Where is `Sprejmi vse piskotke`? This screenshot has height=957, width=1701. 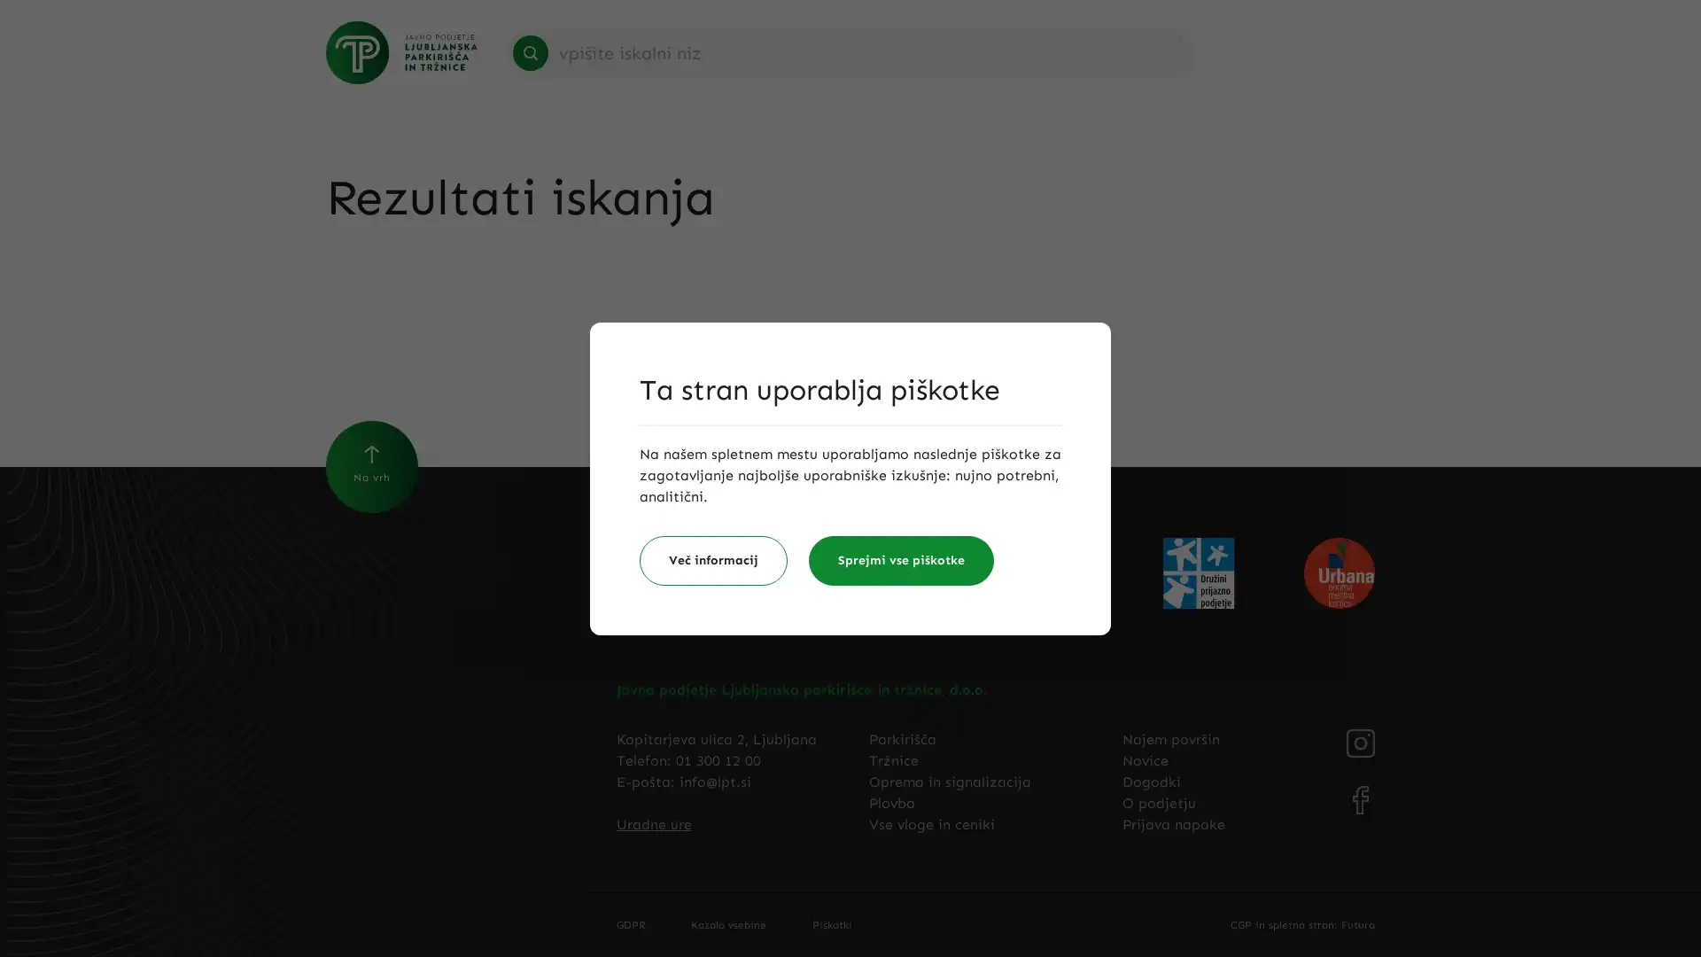 Sprejmi vse piskotke is located at coordinates (901, 560).